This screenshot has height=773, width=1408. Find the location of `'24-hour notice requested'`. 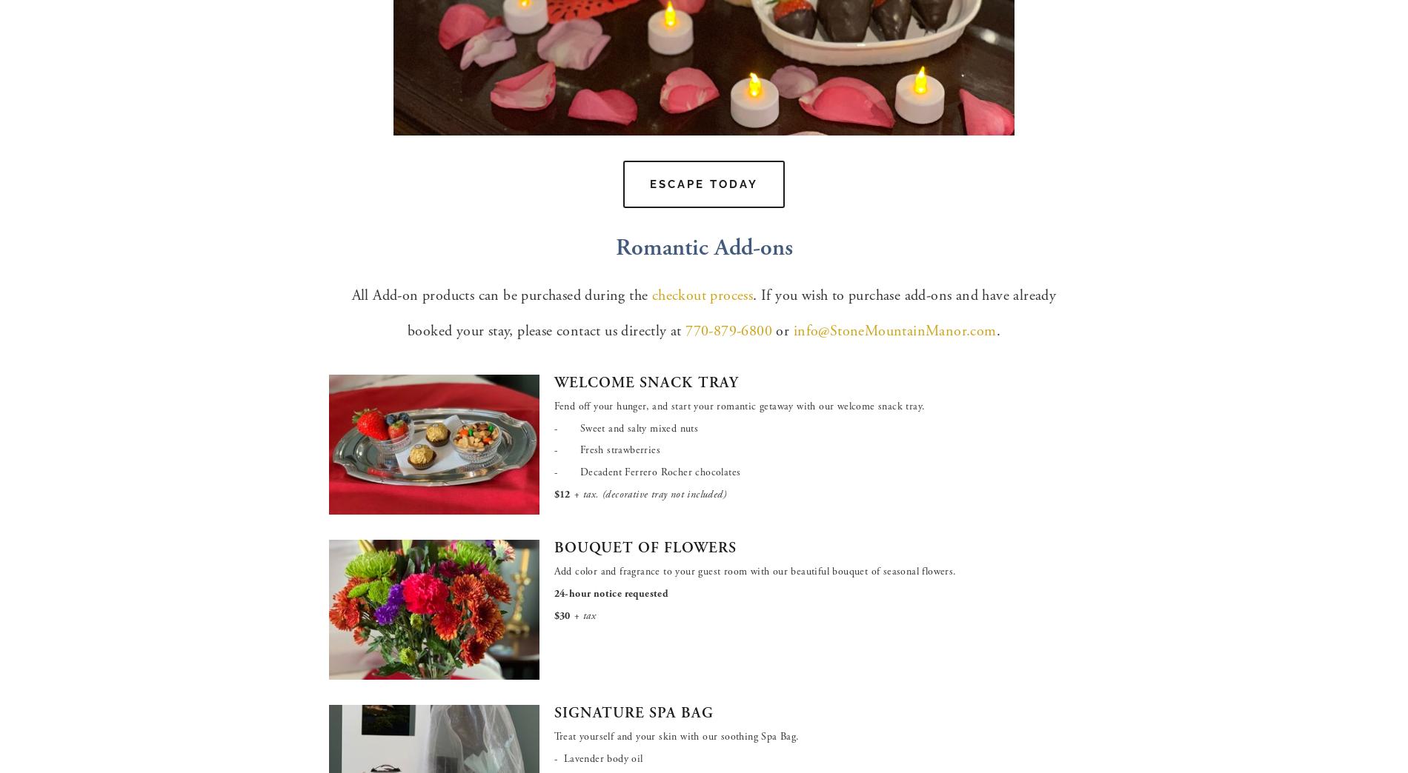

'24-hour notice requested' is located at coordinates (610, 592).